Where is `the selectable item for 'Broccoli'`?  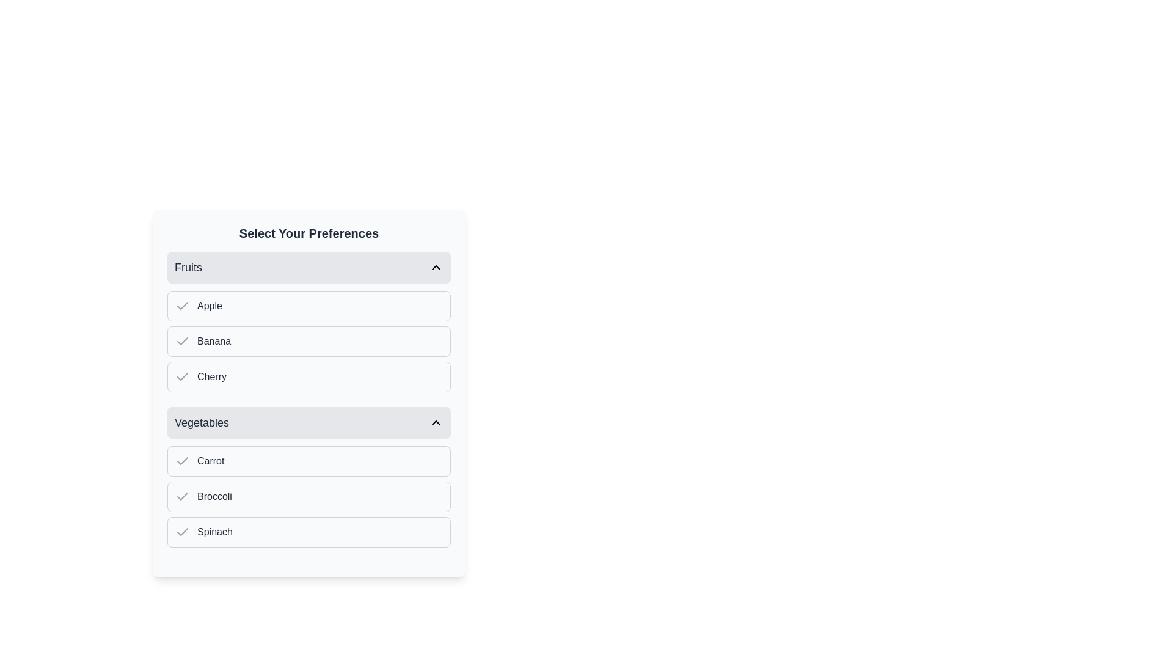
the selectable item for 'Broccoli' is located at coordinates (309, 497).